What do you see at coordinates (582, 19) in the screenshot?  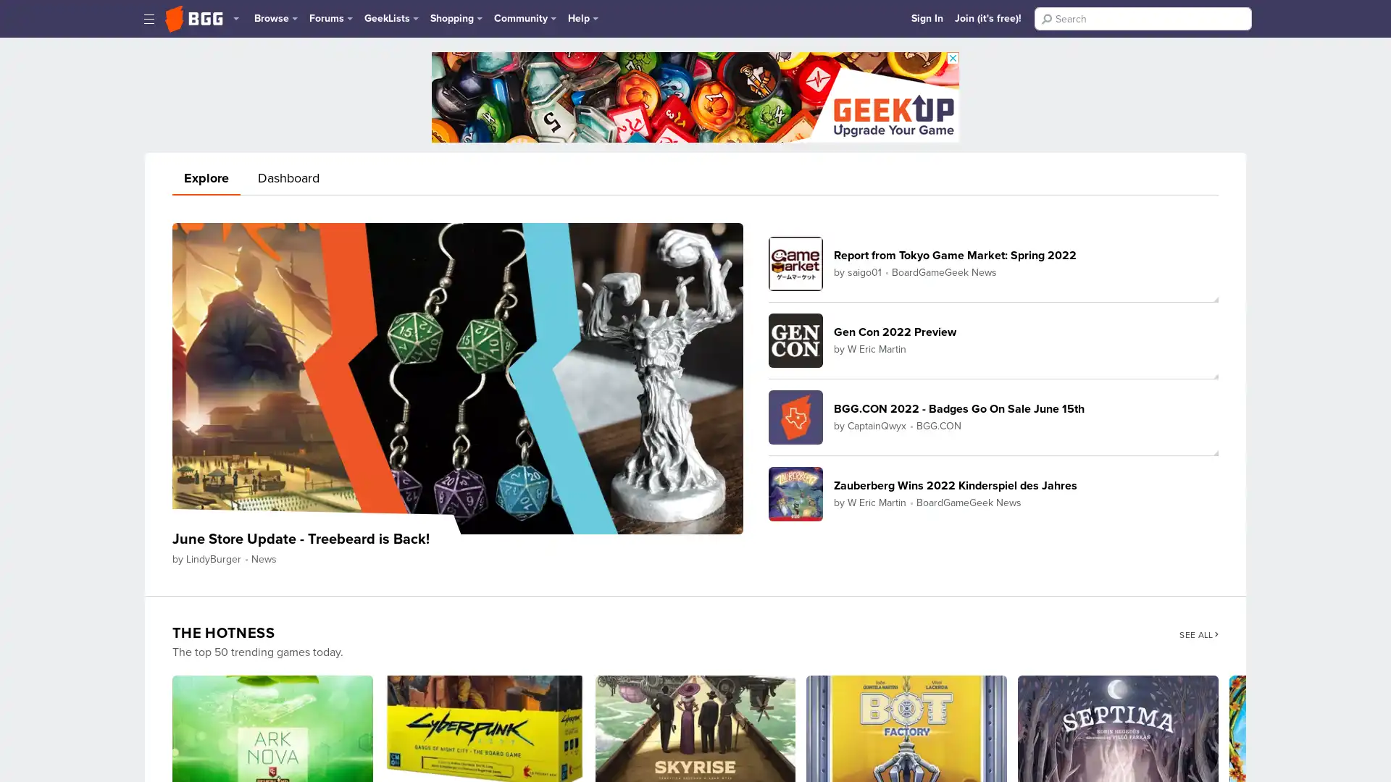 I see `Help` at bounding box center [582, 19].